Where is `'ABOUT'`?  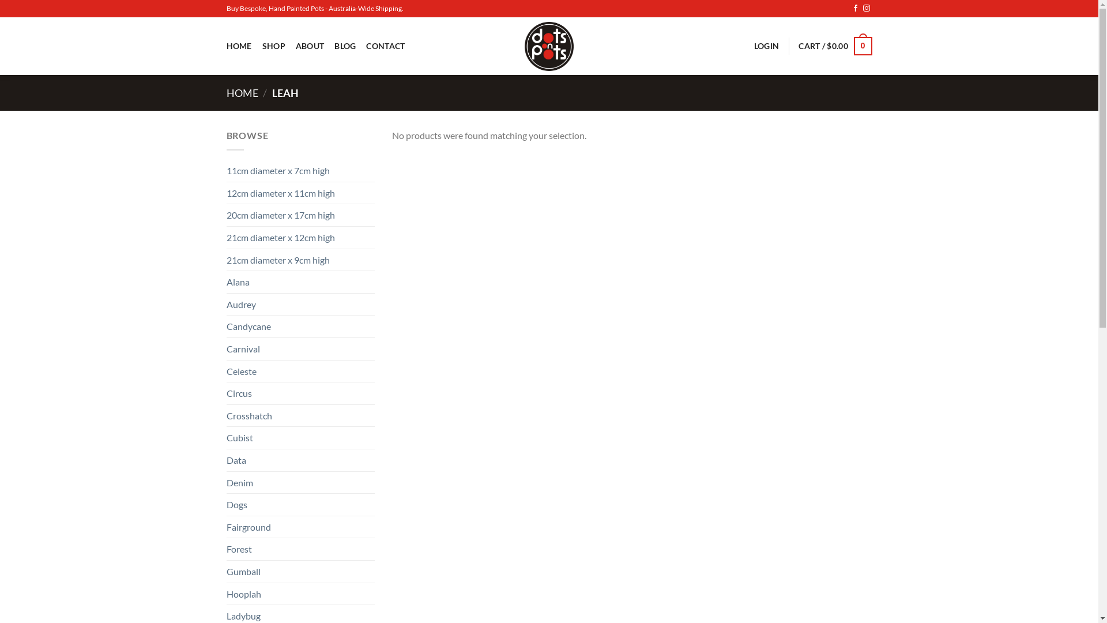 'ABOUT' is located at coordinates (310, 45).